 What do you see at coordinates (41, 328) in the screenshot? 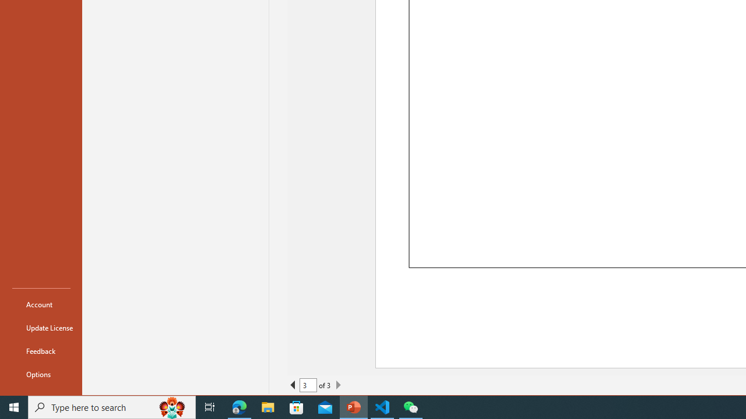
I see `'Update License'` at bounding box center [41, 328].